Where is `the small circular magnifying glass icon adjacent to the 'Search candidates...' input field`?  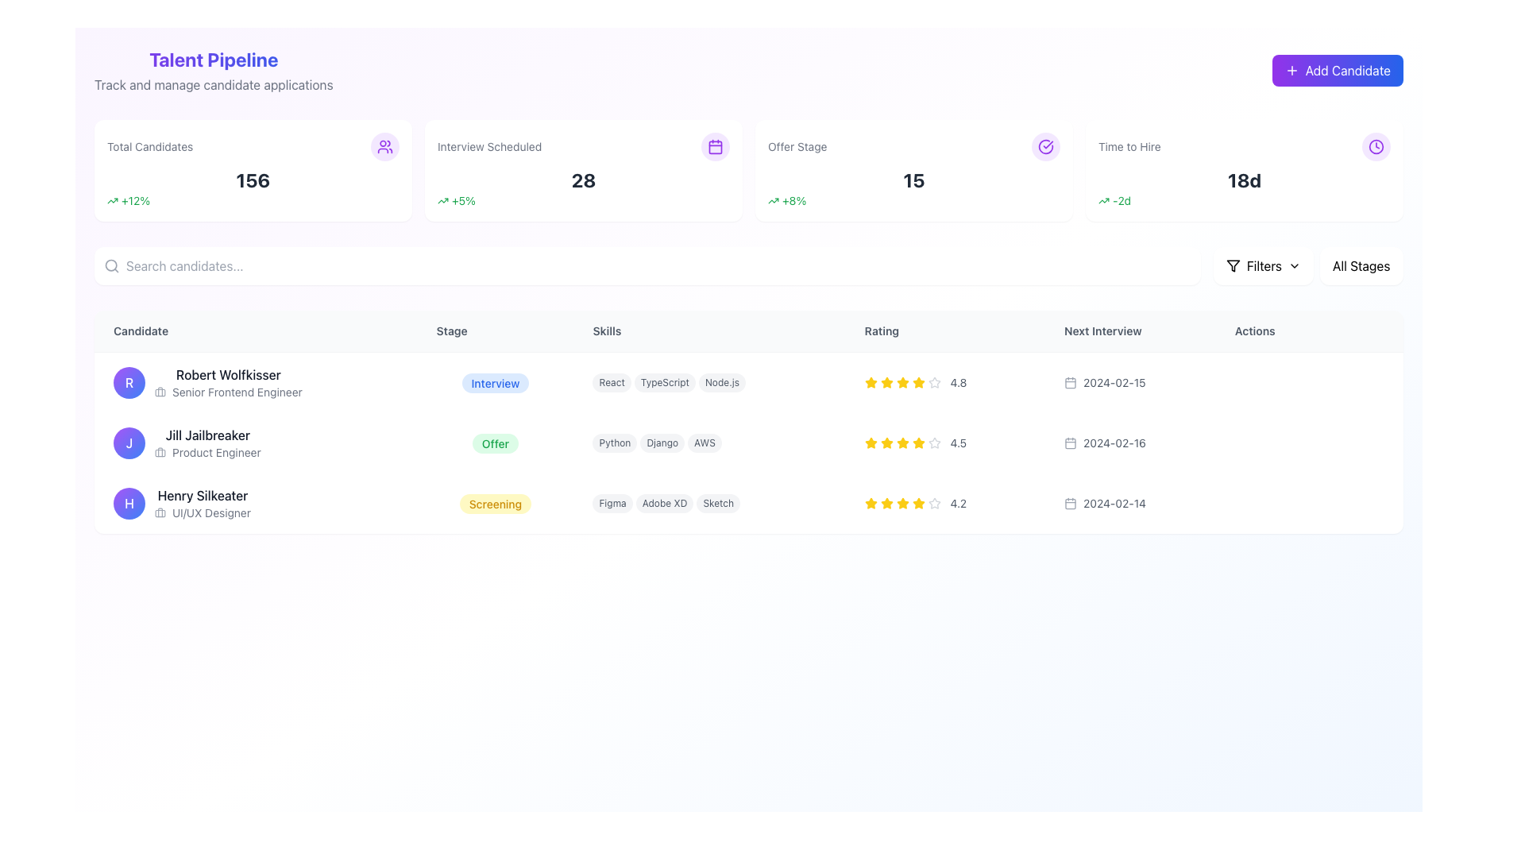
the small circular magnifying glass icon adjacent to the 'Search candidates...' input field is located at coordinates (110, 265).